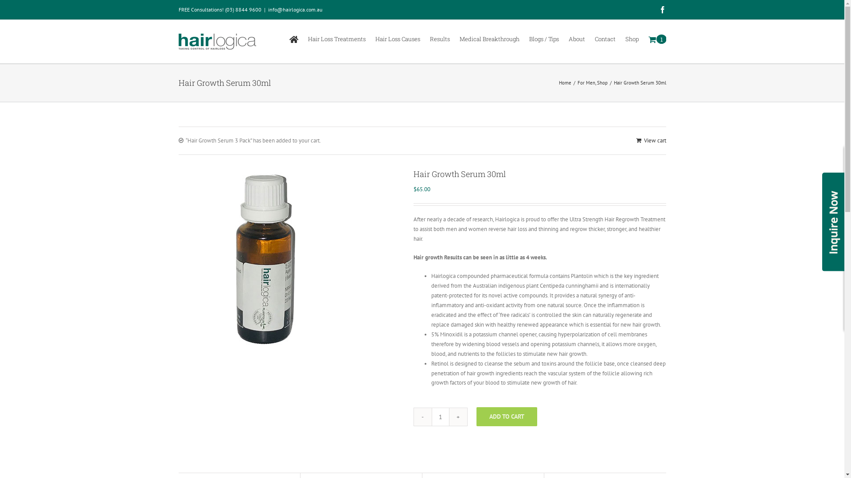 This screenshot has width=851, height=478. Describe the element at coordinates (267, 9) in the screenshot. I see `'info@hairlogica.com.au'` at that location.